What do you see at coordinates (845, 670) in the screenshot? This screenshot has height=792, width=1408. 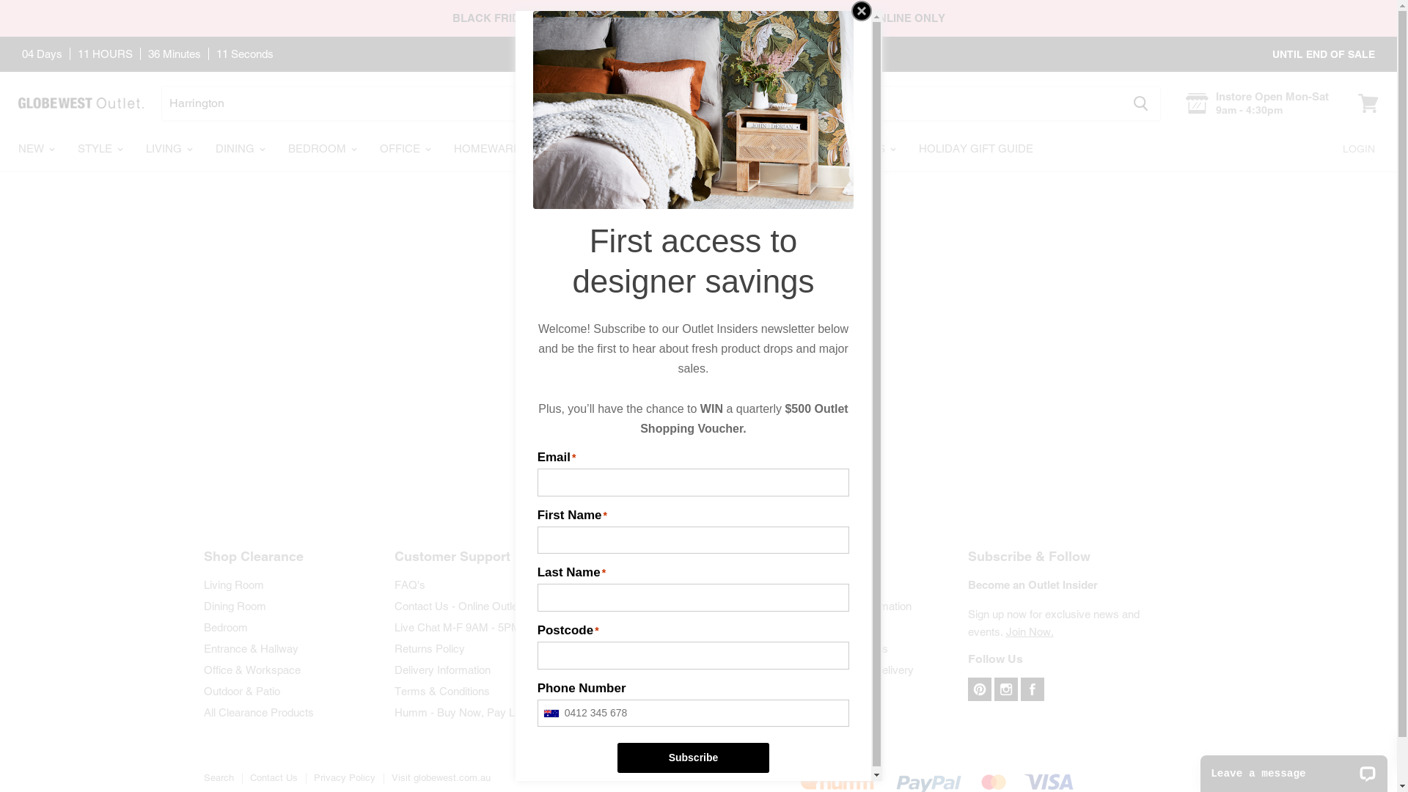 I see `'How to Measure for Delivery'` at bounding box center [845, 670].